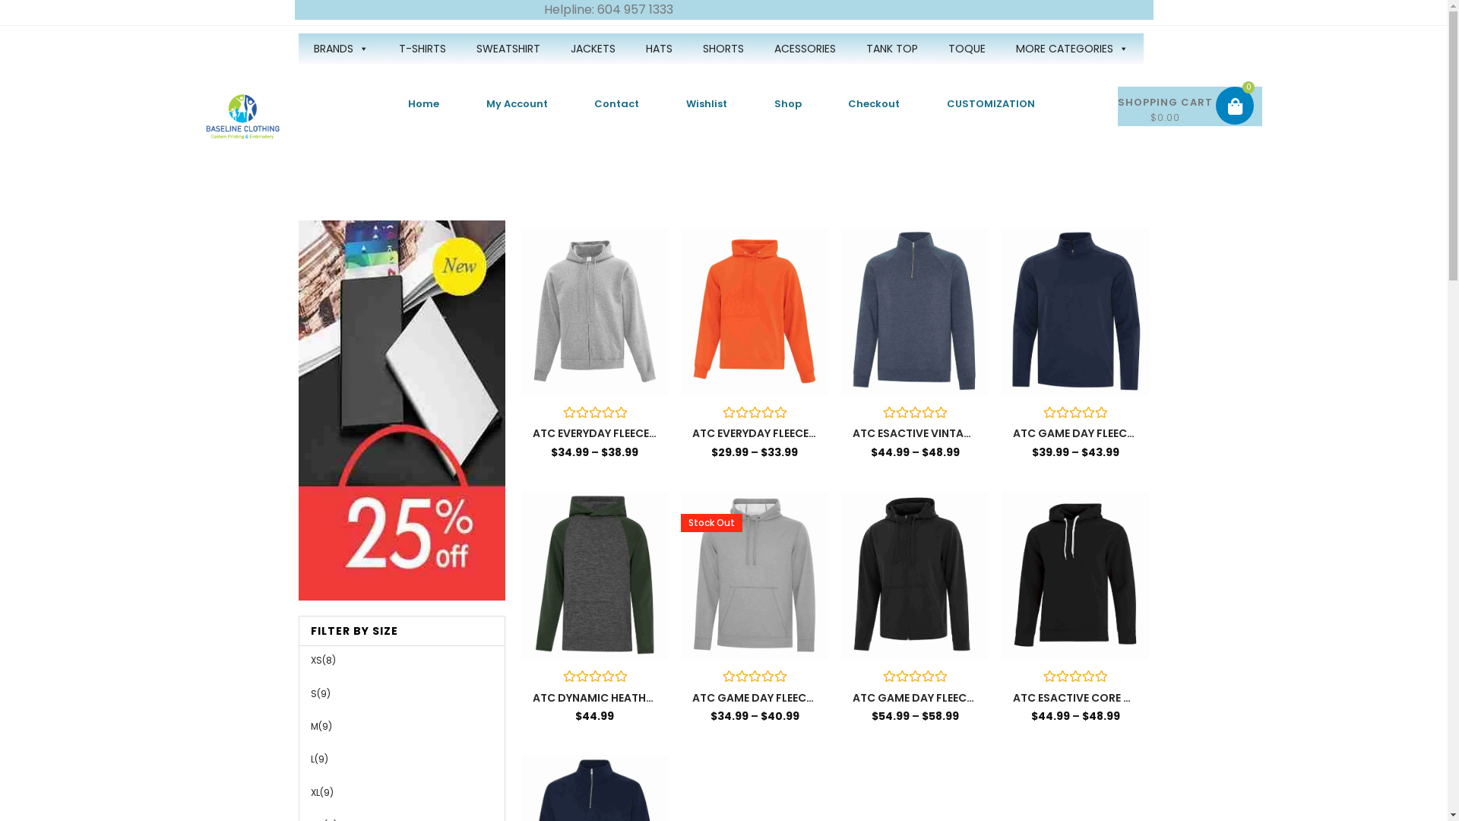 Image resolution: width=1459 pixels, height=821 pixels. I want to click on 'L', so click(311, 759).